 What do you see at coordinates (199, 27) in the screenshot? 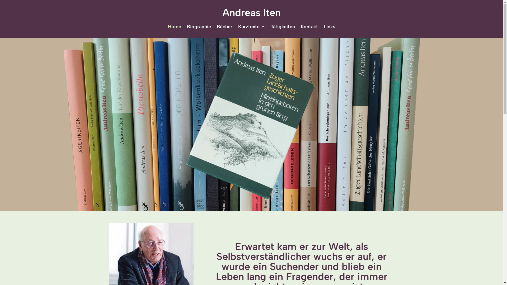
I see `'Biographie'` at bounding box center [199, 27].